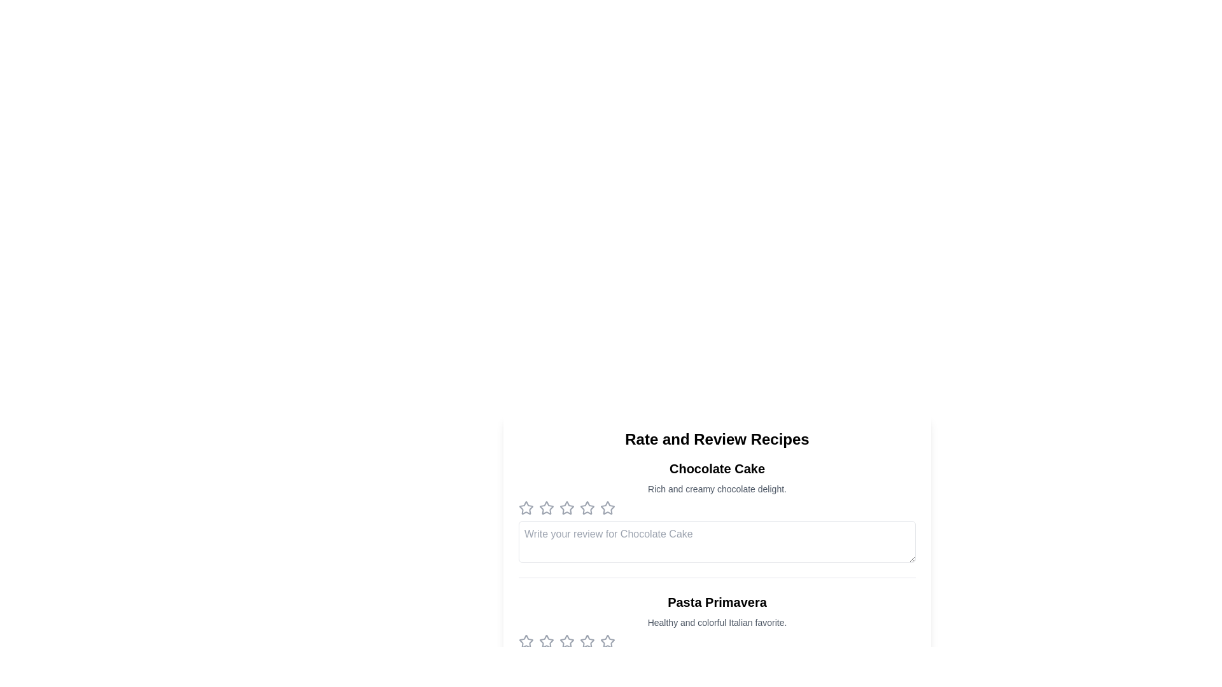 This screenshot has height=687, width=1222. Describe the element at coordinates (566, 507) in the screenshot. I see `the fifth star icon in the rating component, which allows users to provide a specific rating, positioned above the review text input field` at that location.